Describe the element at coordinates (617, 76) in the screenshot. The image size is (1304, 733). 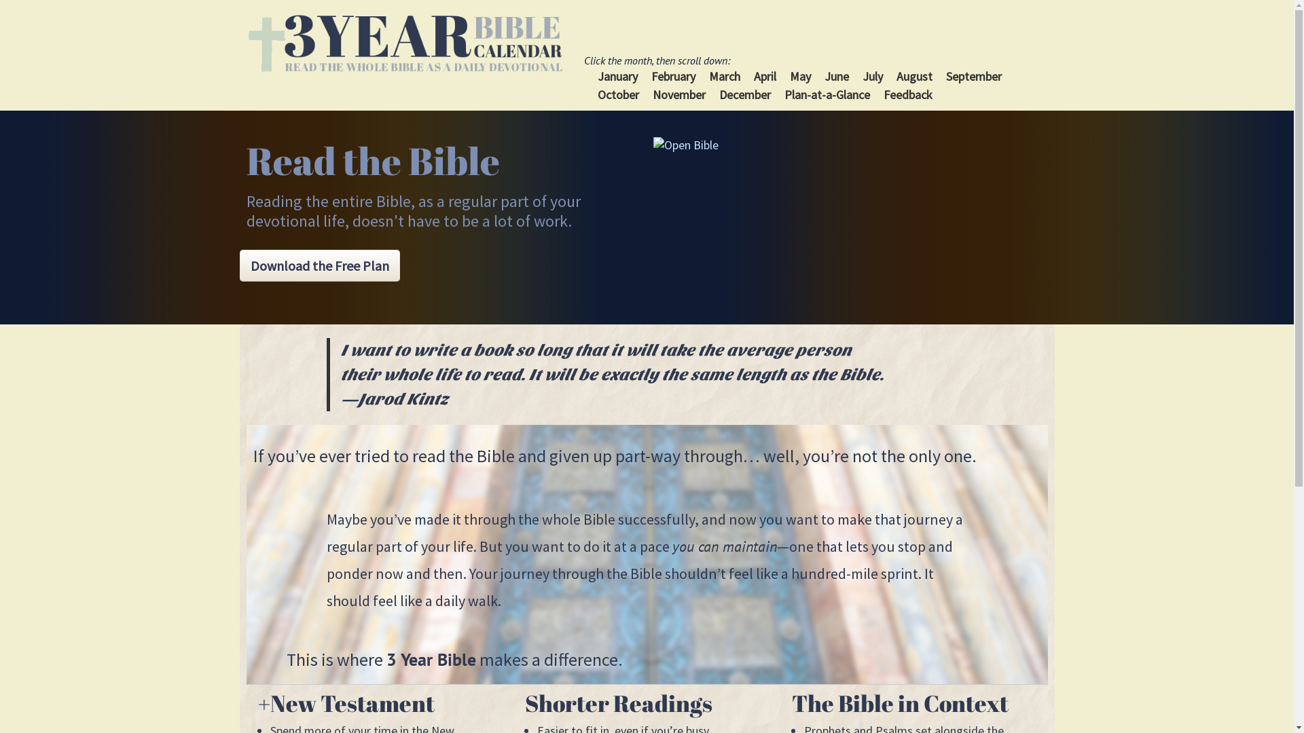
I see `'January'` at that location.